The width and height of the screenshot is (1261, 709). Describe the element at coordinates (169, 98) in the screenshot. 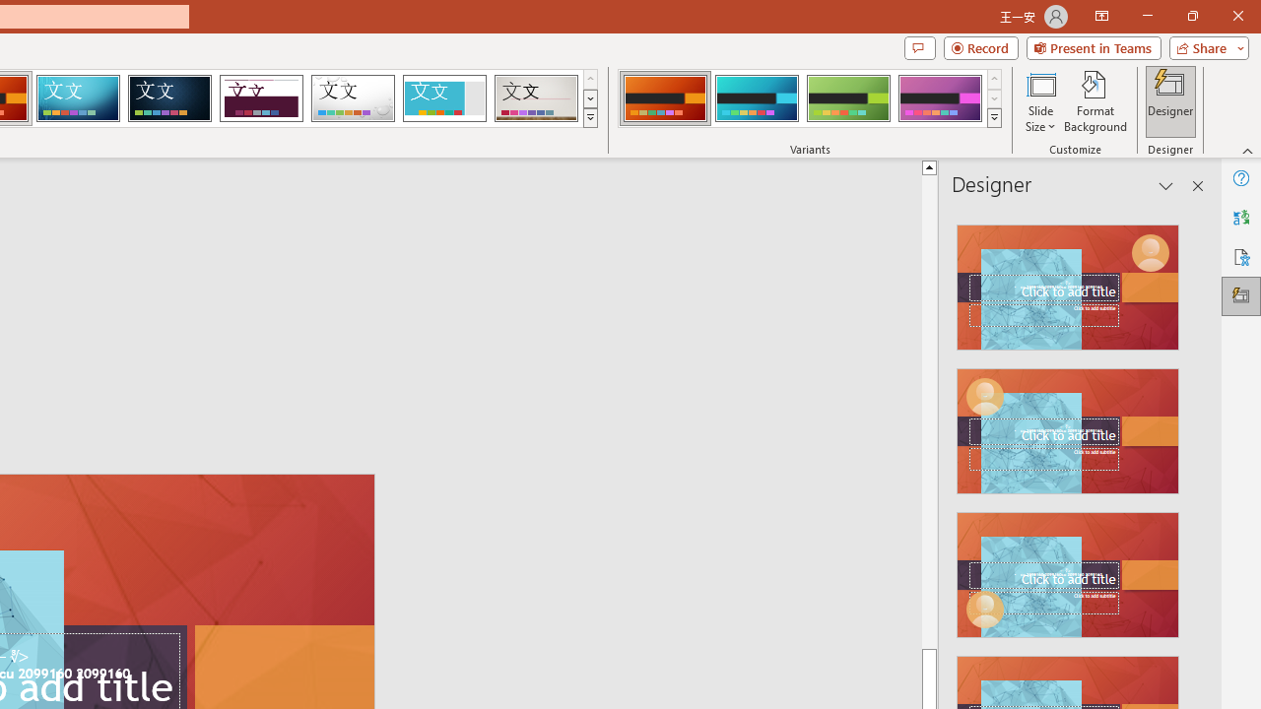

I see `'Damask'` at that location.